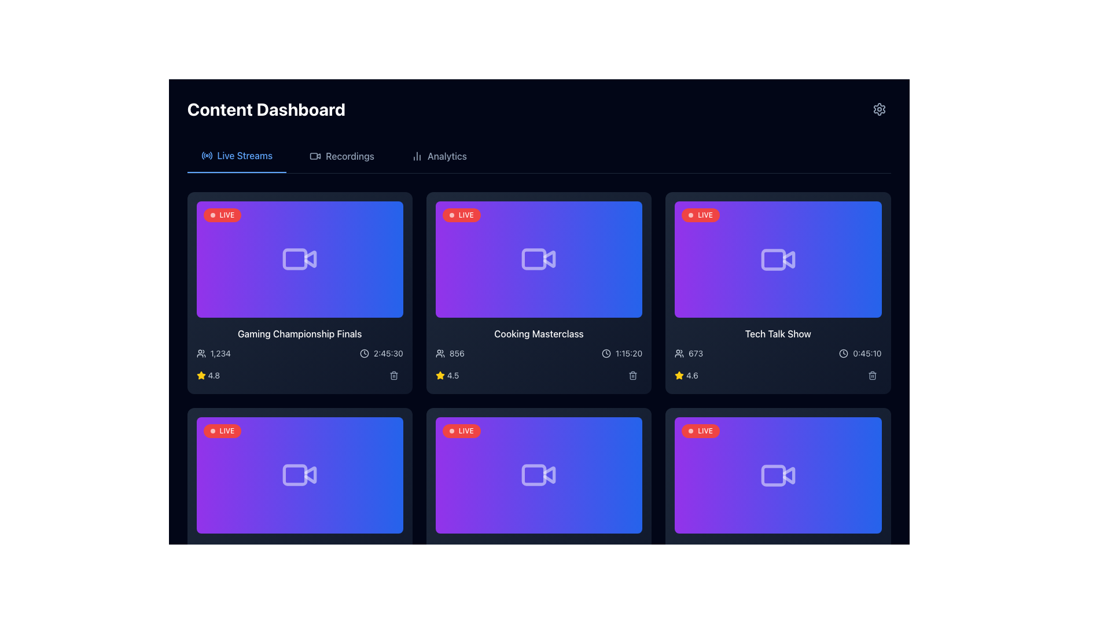 Image resolution: width=1111 pixels, height=625 pixels. Describe the element at coordinates (363, 352) in the screenshot. I see `the visual representation of the clock icon located to the right of the time text '2:45:30' in the bottom-right corner of the first card in the top-left grid segment` at that location.